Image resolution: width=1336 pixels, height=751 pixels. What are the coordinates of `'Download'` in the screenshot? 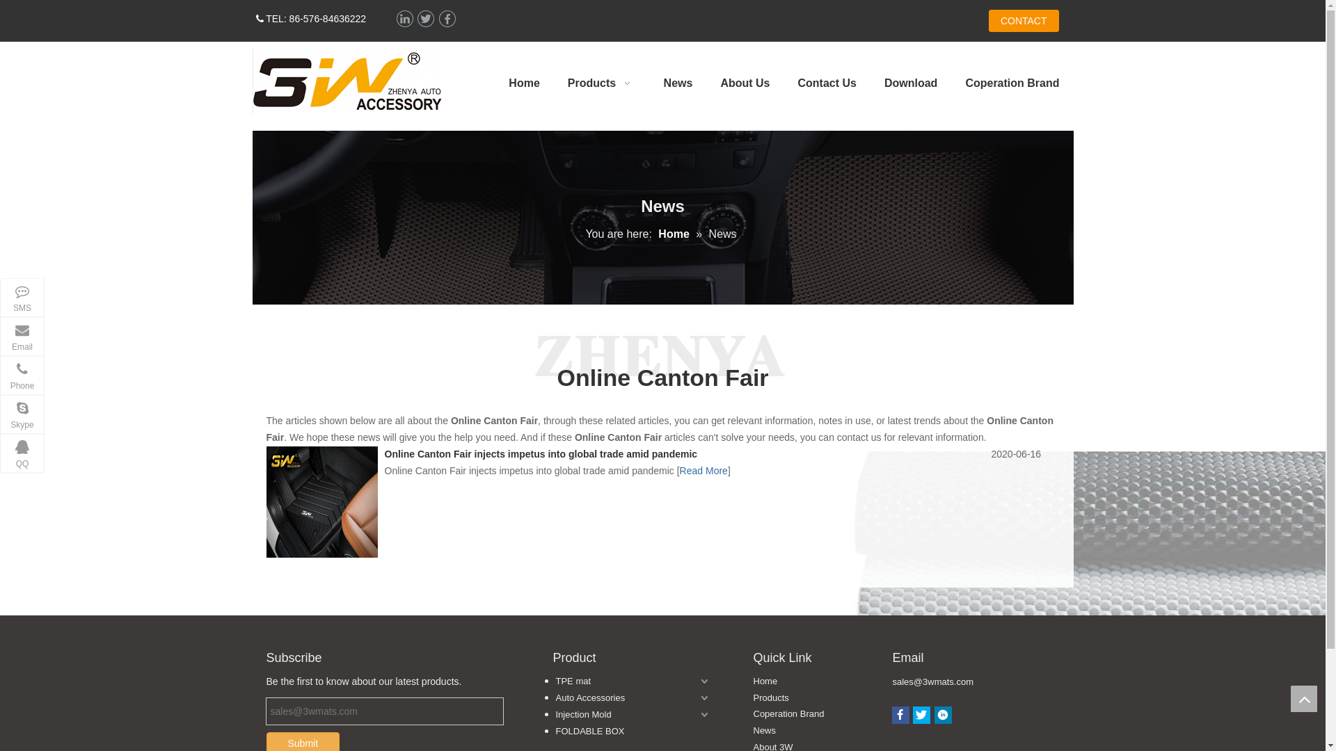 It's located at (870, 83).